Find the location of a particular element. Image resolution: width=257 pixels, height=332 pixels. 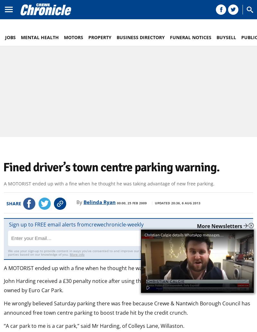

'crewechronicle' is located at coordinates (107, 224).